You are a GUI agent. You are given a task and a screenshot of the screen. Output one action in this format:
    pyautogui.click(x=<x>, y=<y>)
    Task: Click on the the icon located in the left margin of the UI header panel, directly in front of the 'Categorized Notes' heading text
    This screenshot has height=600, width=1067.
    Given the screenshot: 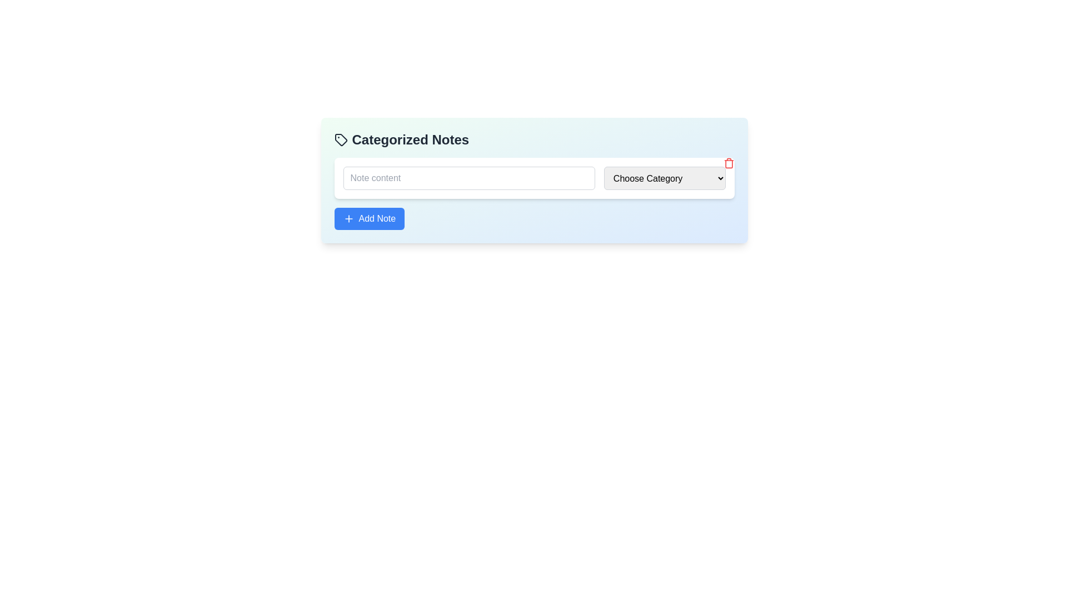 What is the action you would take?
    pyautogui.click(x=340, y=139)
    